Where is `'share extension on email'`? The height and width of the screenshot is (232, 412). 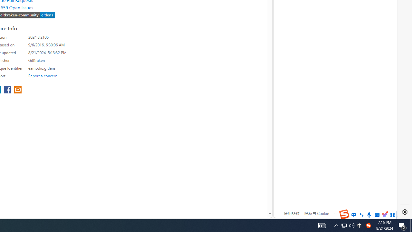
'share extension on email' is located at coordinates (18, 90).